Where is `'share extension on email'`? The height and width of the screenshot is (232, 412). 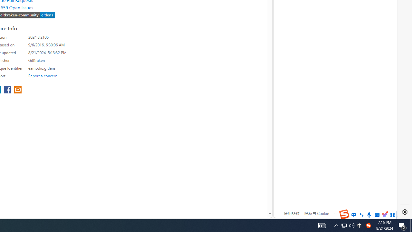
'share extension on email' is located at coordinates (18, 90).